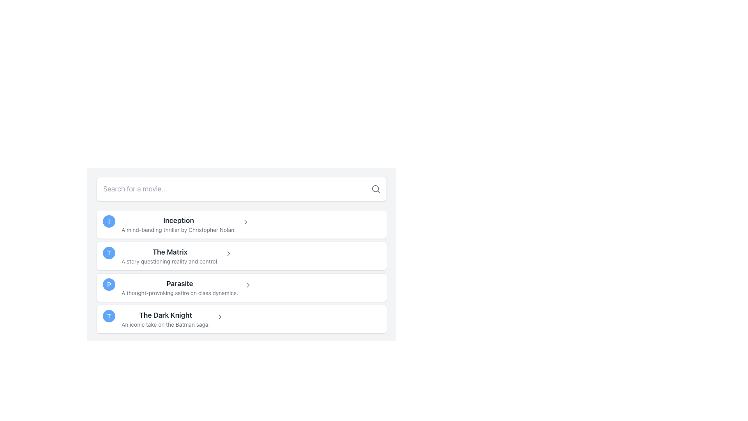 Image resolution: width=748 pixels, height=421 pixels. What do you see at coordinates (376, 188) in the screenshot?
I see `the decorative circle of the search icon located at the top-right side of the interface above the list of movie entries` at bounding box center [376, 188].